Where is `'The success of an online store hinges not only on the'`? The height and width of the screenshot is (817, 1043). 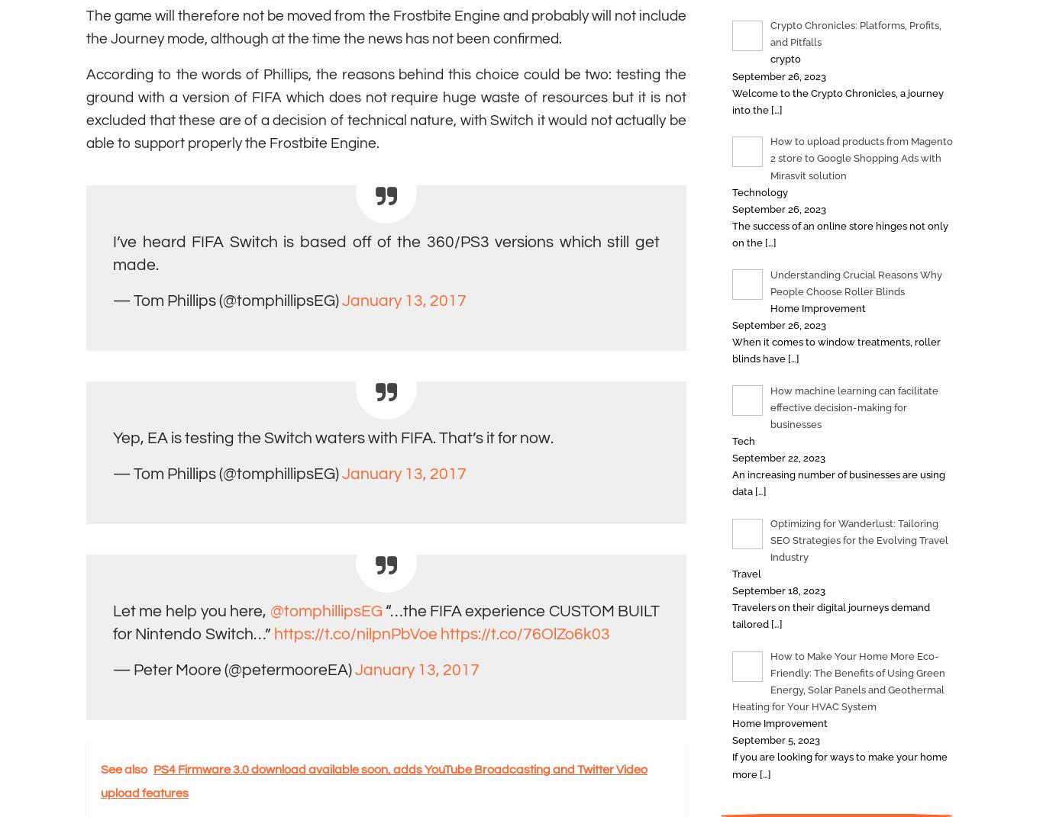
'The success of an online store hinges not only on the' is located at coordinates (839, 233).